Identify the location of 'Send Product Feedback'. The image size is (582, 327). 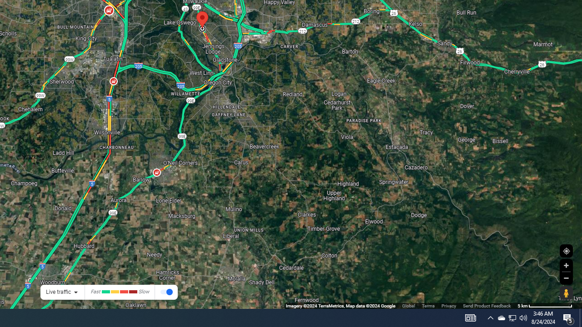
(486, 306).